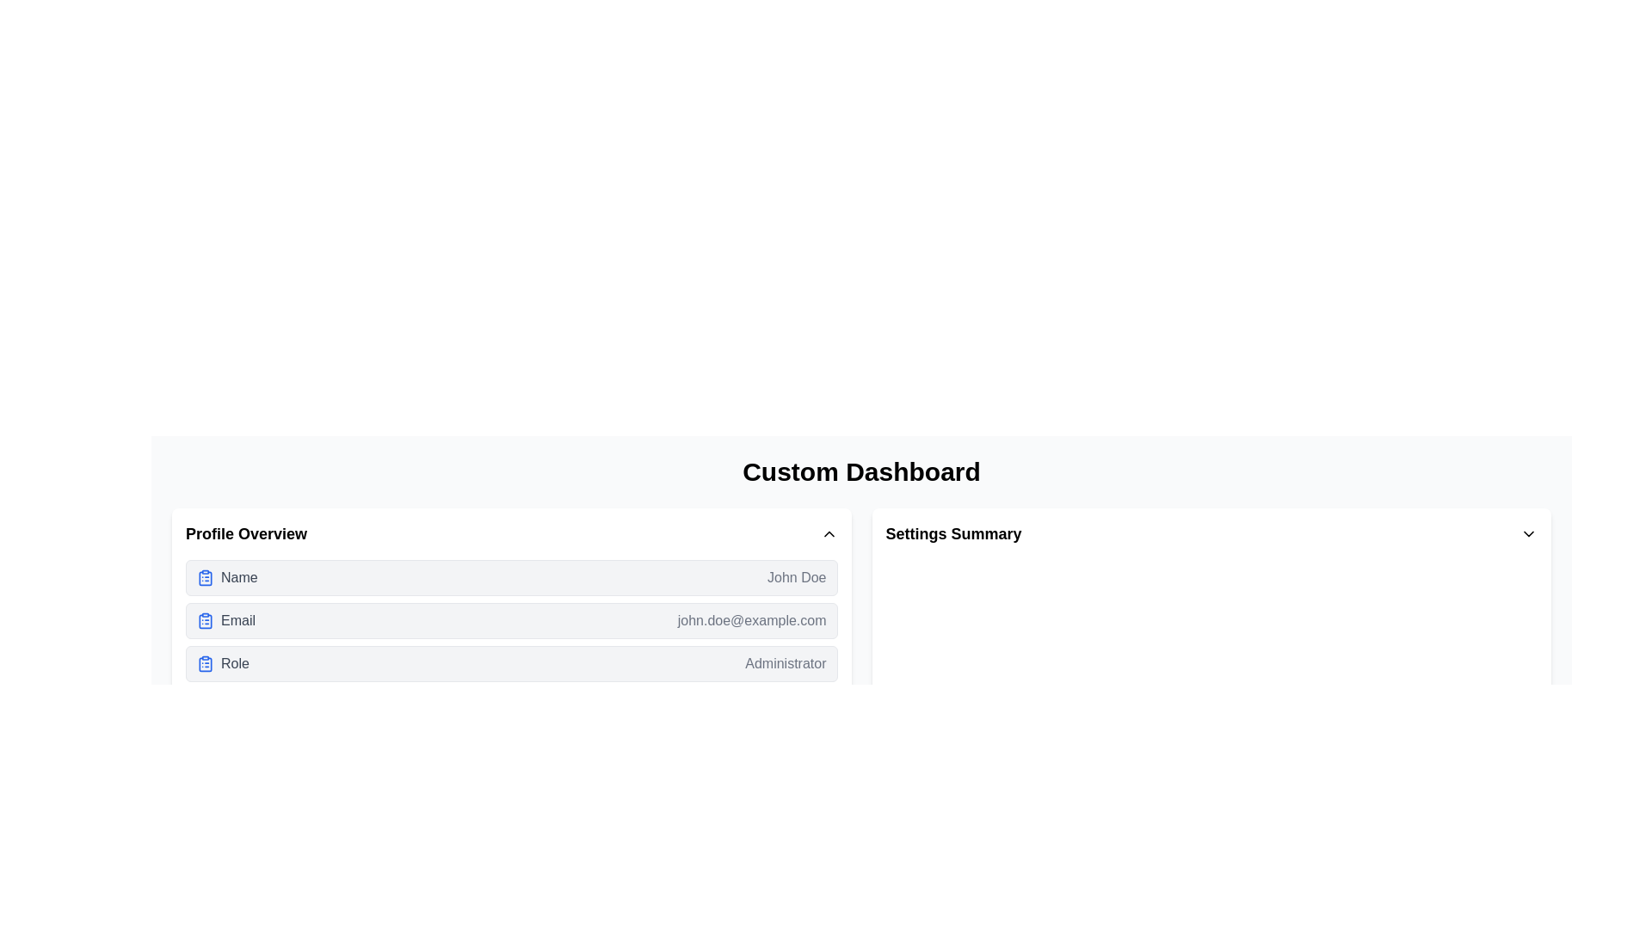 This screenshot has width=1652, height=929. Describe the element at coordinates (952, 533) in the screenshot. I see `text of the 'Settings Summary' label, which is a bold, larger font text element located in the upper-central part of the interface` at that location.